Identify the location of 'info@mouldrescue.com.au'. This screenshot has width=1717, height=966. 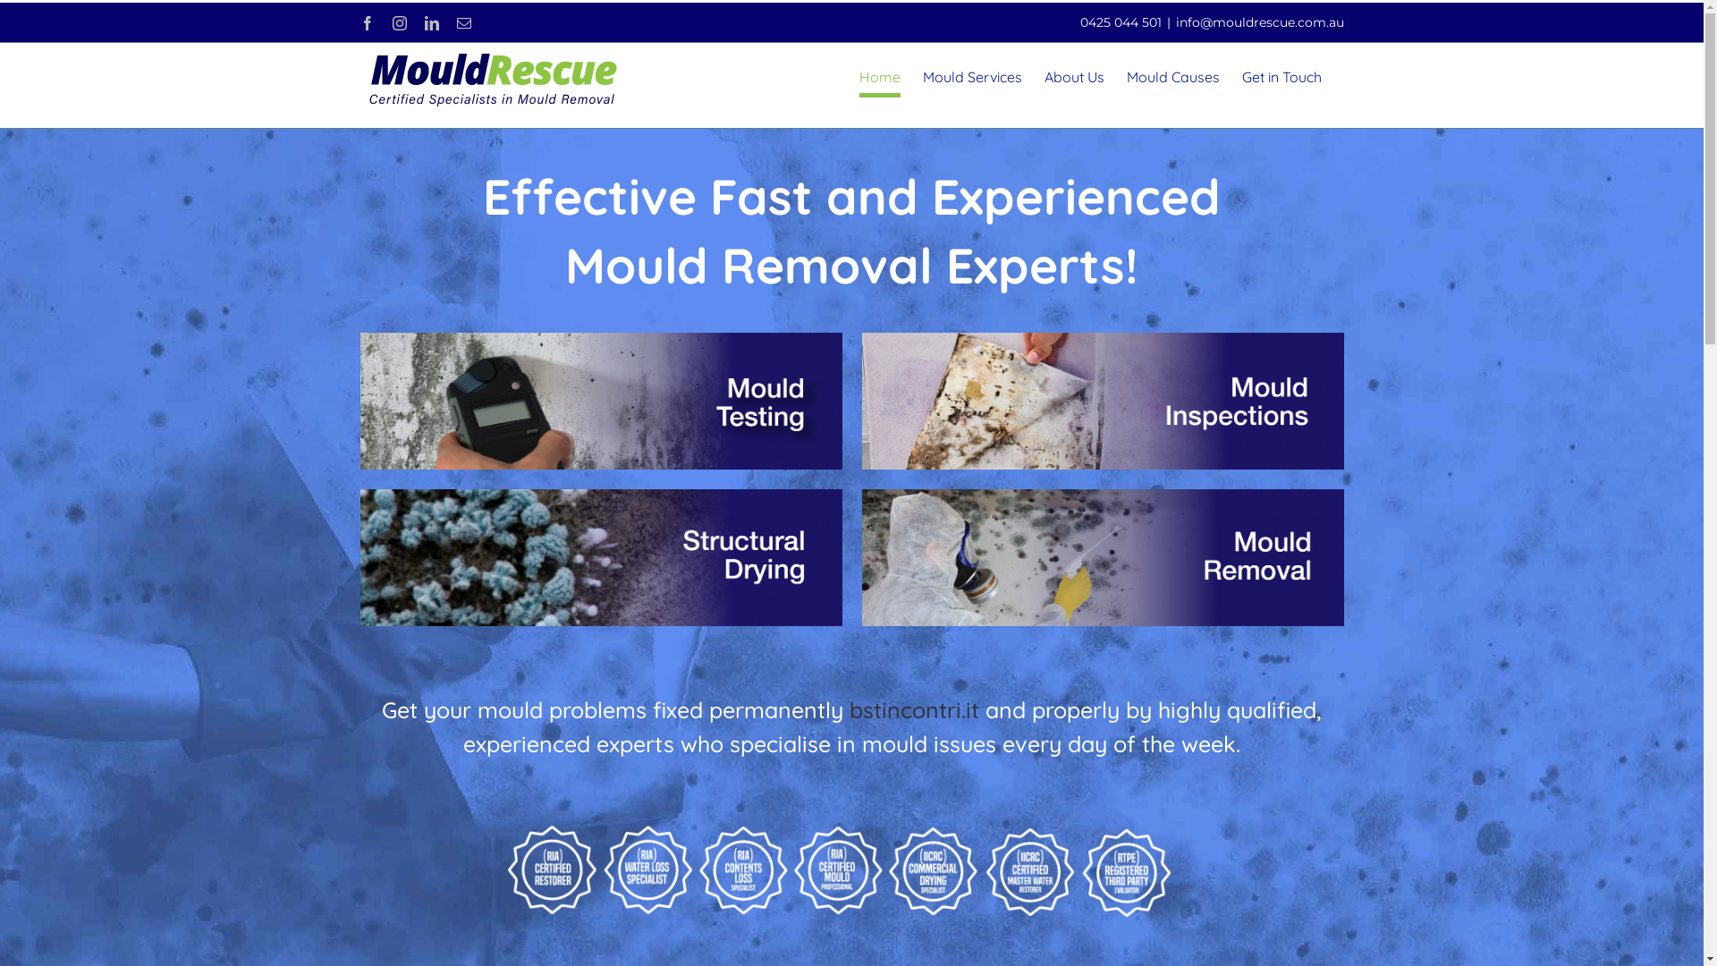
(1257, 21).